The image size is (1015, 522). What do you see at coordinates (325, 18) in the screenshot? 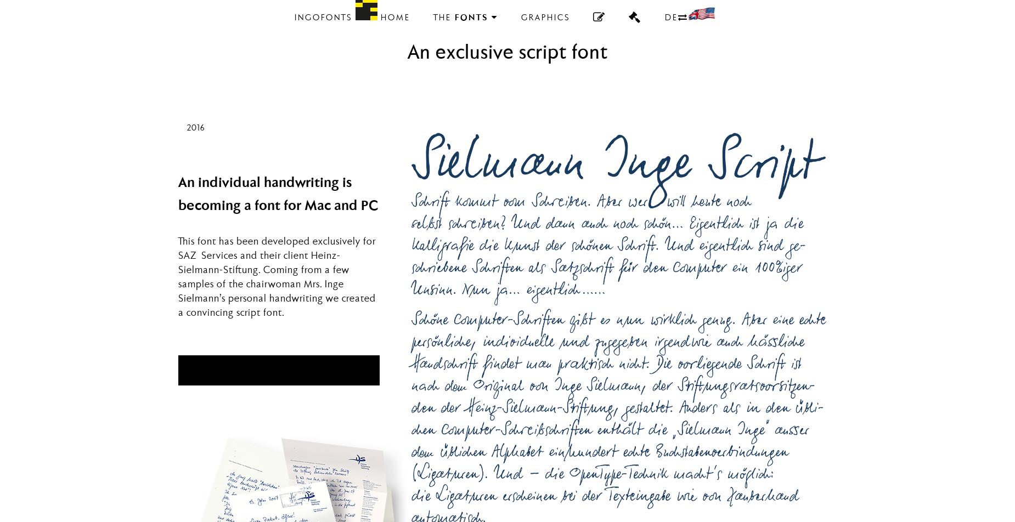
I see `'ingoFonts'` at bounding box center [325, 18].